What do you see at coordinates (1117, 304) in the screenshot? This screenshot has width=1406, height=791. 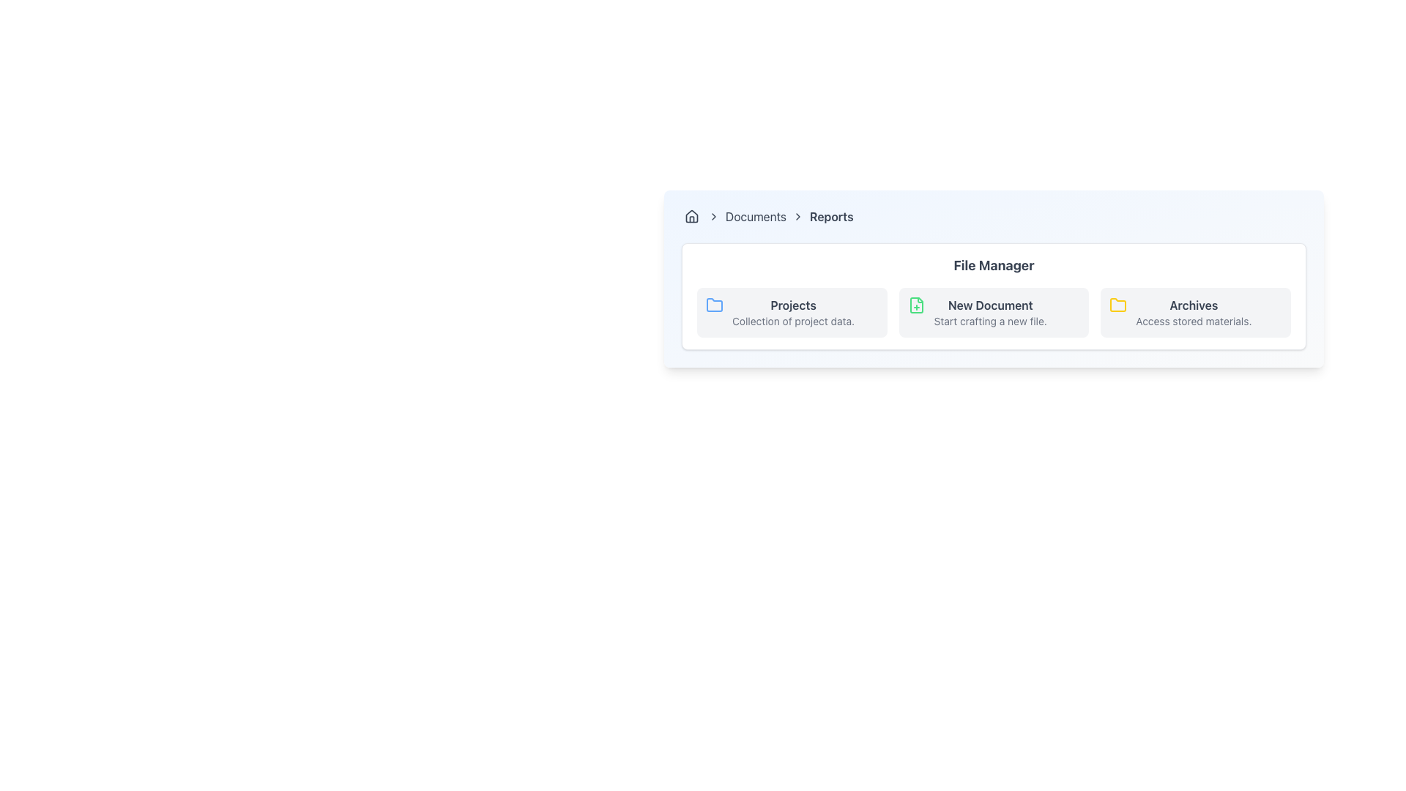 I see `the yellow folder icon representing the 'Archives' section, located adjacent to the text 'Archives' and 'Access stored materials' in the last card of the File Manager layout` at bounding box center [1117, 304].